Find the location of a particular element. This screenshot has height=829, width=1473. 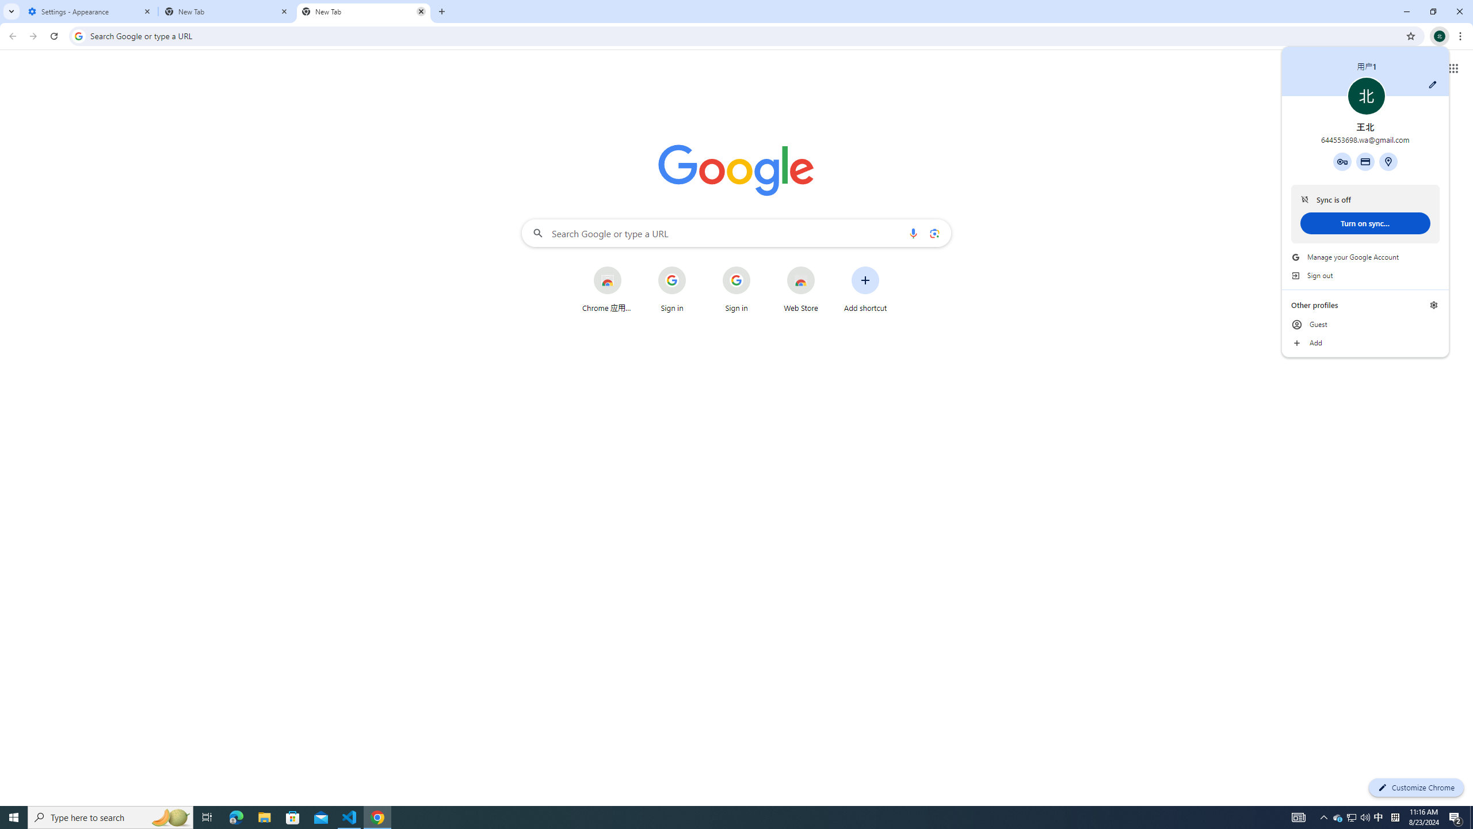

'AutomationID: 4105' is located at coordinates (1298, 816).